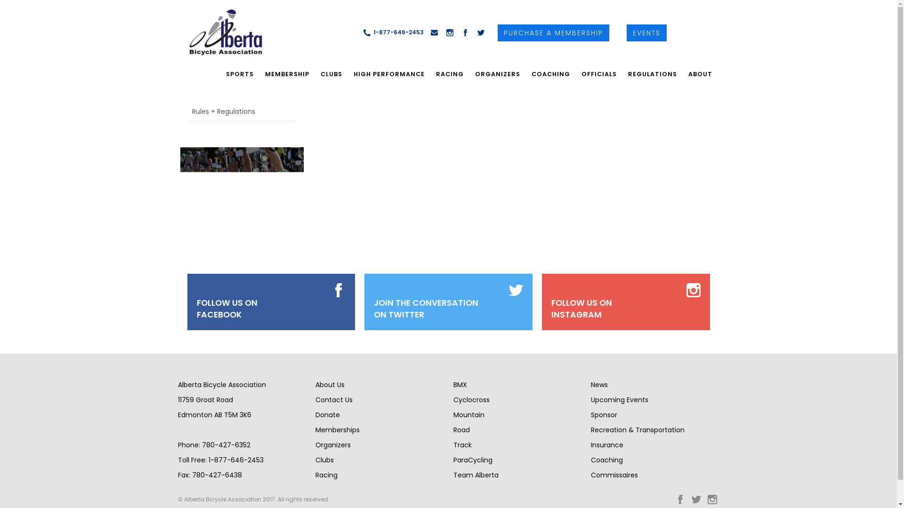 The width and height of the screenshot is (904, 508). What do you see at coordinates (462, 444) in the screenshot?
I see `'Track'` at bounding box center [462, 444].